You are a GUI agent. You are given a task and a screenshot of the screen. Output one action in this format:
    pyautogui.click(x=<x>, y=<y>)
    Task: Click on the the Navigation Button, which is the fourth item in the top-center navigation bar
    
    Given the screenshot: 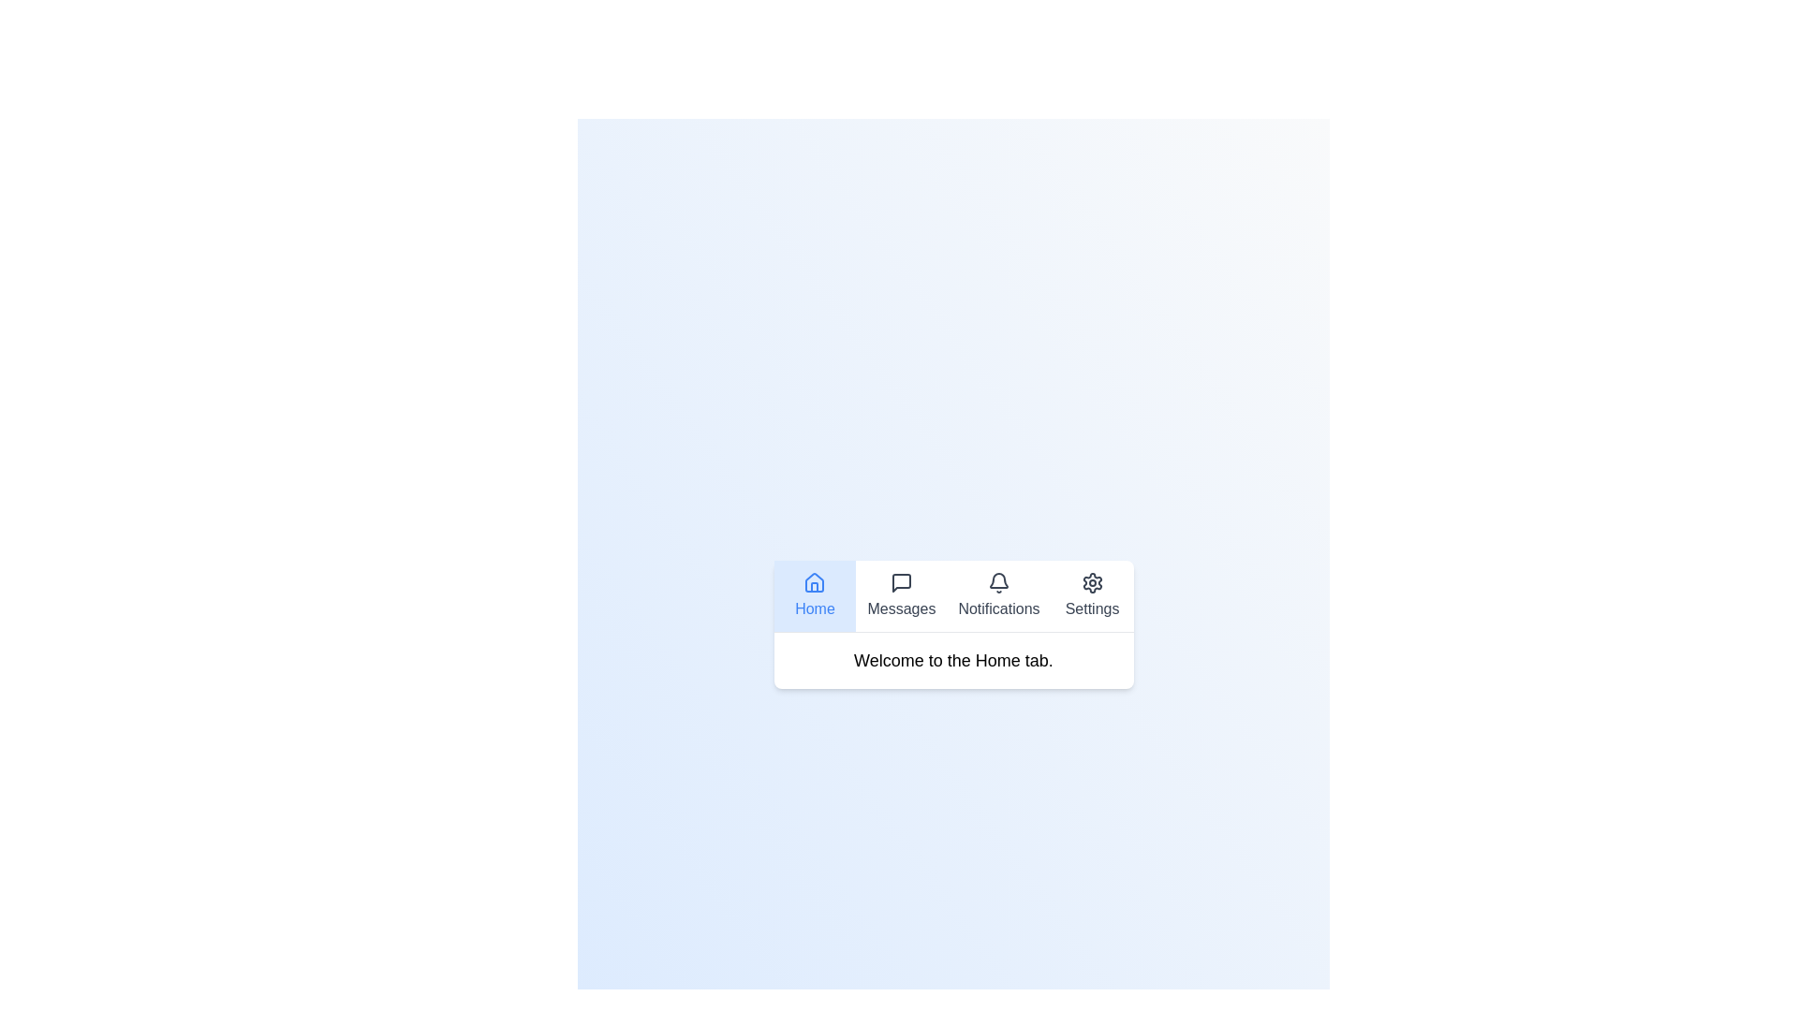 What is the action you would take?
    pyautogui.click(x=1092, y=595)
    